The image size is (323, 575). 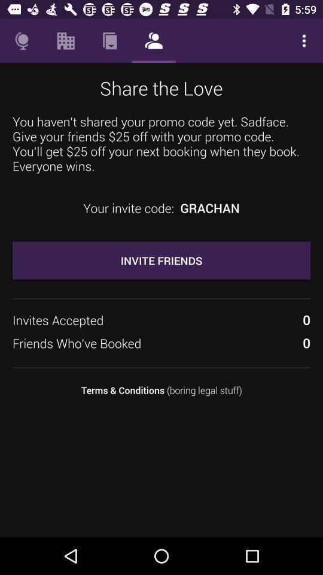 I want to click on the icon above you haven t item, so click(x=66, y=41).